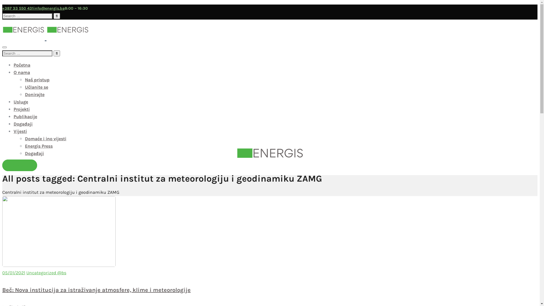 Image resolution: width=544 pixels, height=306 pixels. What do you see at coordinates (22, 109) in the screenshot?
I see `'Projekti'` at bounding box center [22, 109].